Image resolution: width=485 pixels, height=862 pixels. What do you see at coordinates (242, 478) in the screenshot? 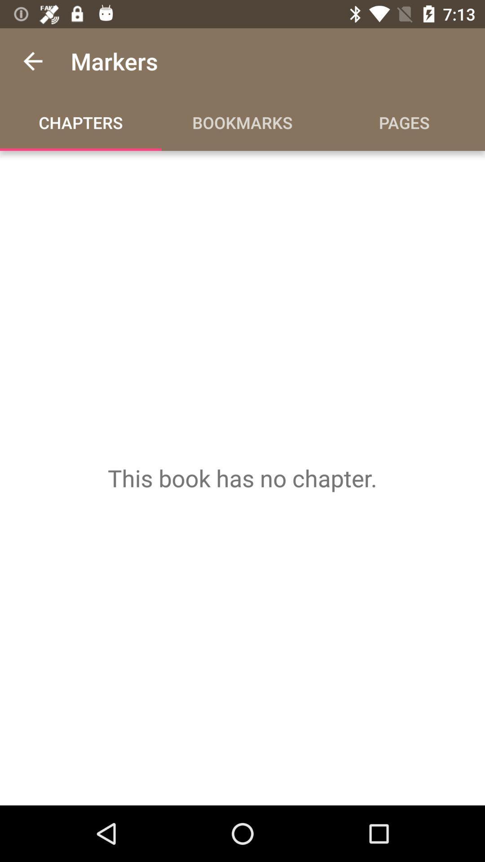
I see `icon below chapters item` at bounding box center [242, 478].